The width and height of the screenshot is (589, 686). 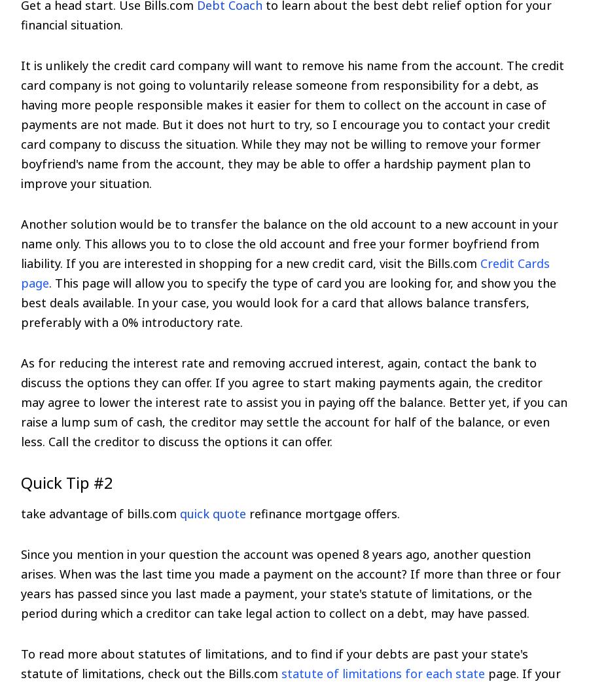 What do you see at coordinates (66, 482) in the screenshot?
I see `'Quick Tip #2'` at bounding box center [66, 482].